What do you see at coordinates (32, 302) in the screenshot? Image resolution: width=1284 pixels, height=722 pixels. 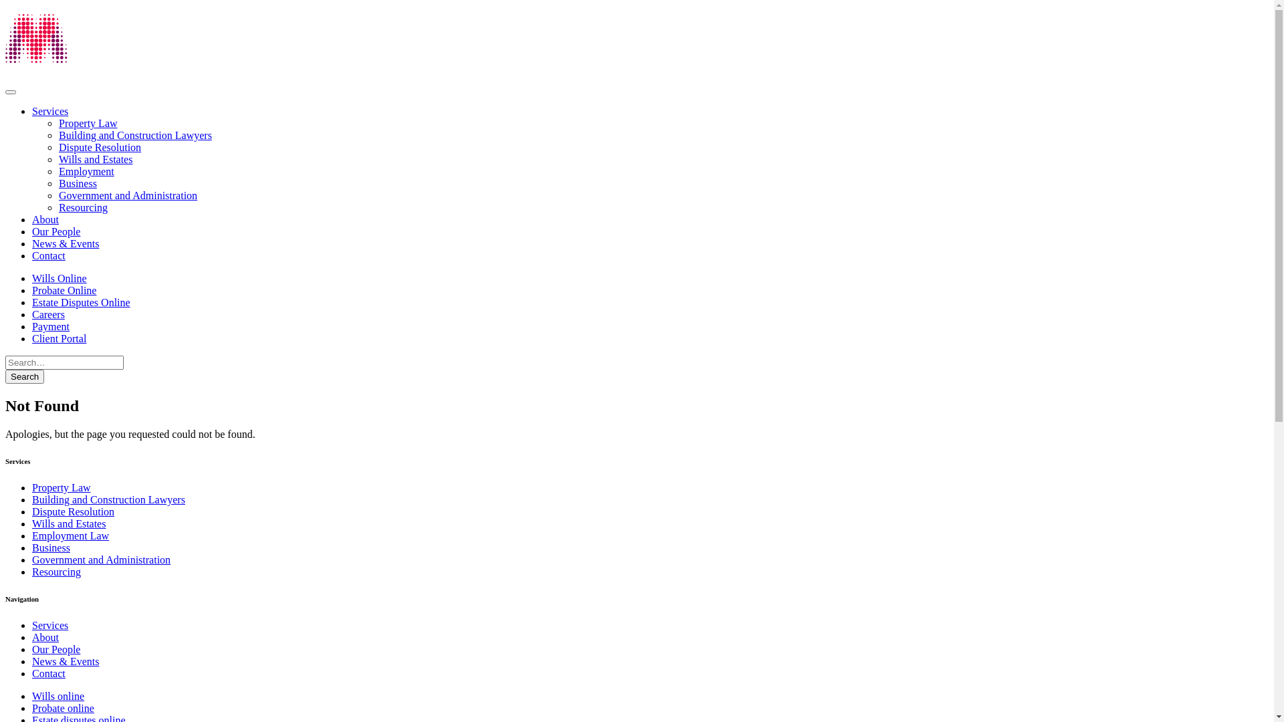 I see `'Estate Disputes Online'` at bounding box center [32, 302].